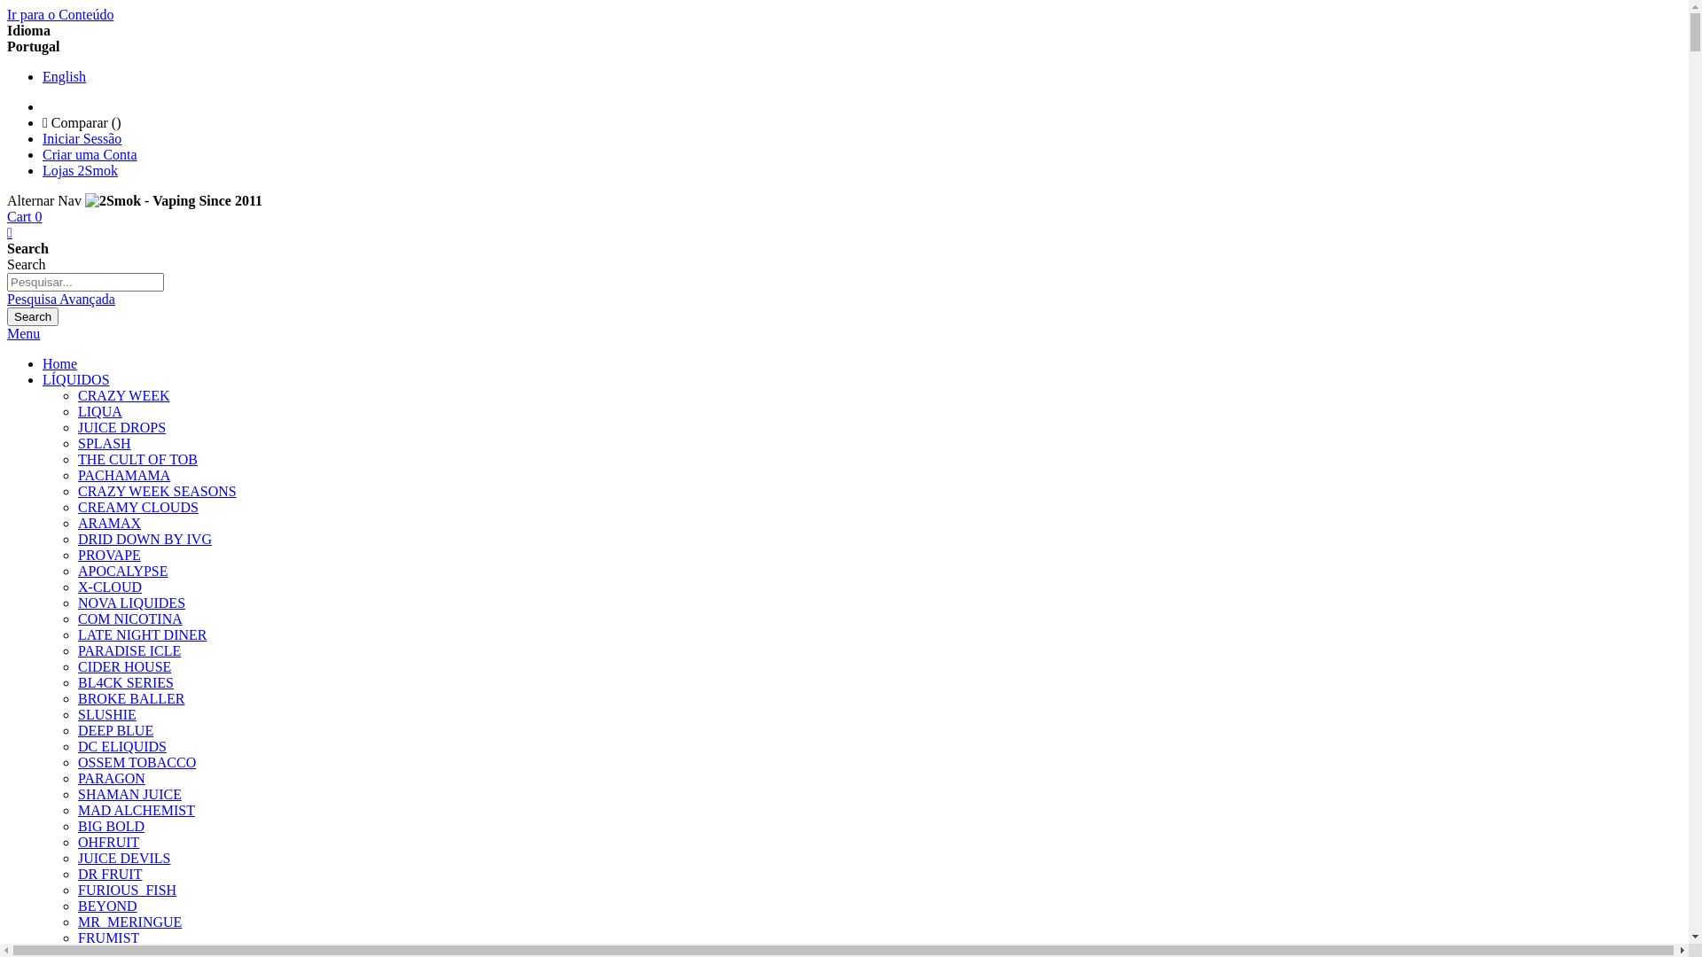 This screenshot has width=1702, height=957. Describe the element at coordinates (122, 571) in the screenshot. I see `'APOCALYPSE'` at that location.